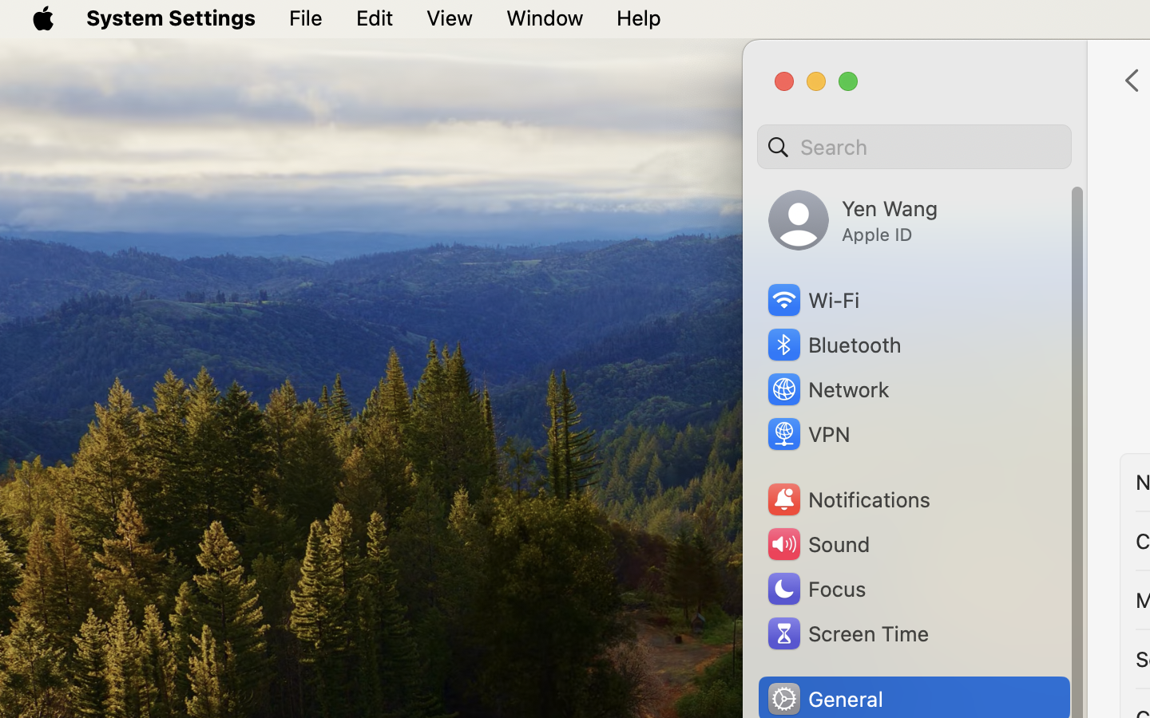 This screenshot has width=1150, height=718. Describe the element at coordinates (848, 499) in the screenshot. I see `'Notifications'` at that location.